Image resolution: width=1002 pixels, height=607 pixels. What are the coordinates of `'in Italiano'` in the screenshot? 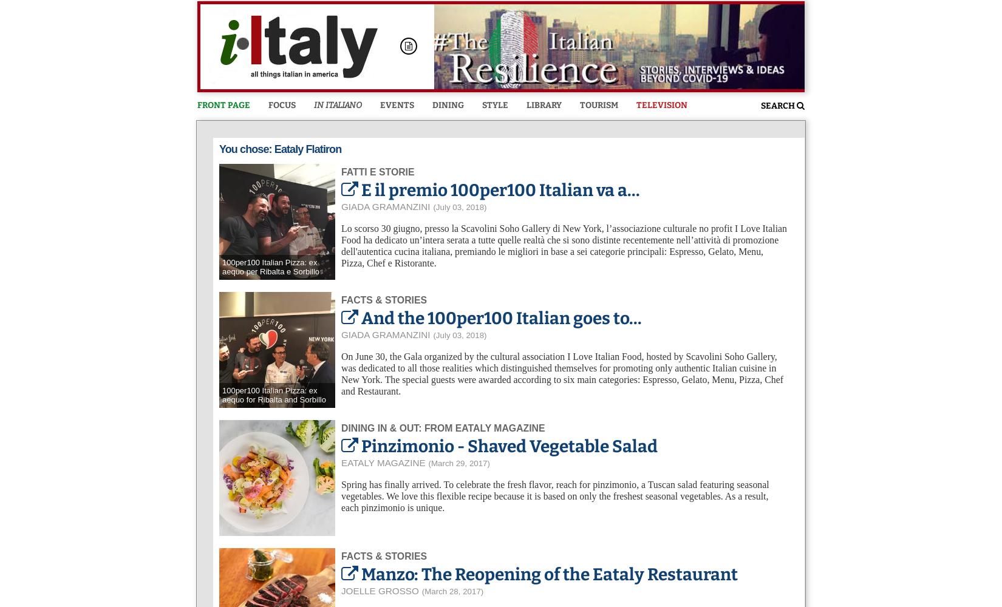 It's located at (337, 105).